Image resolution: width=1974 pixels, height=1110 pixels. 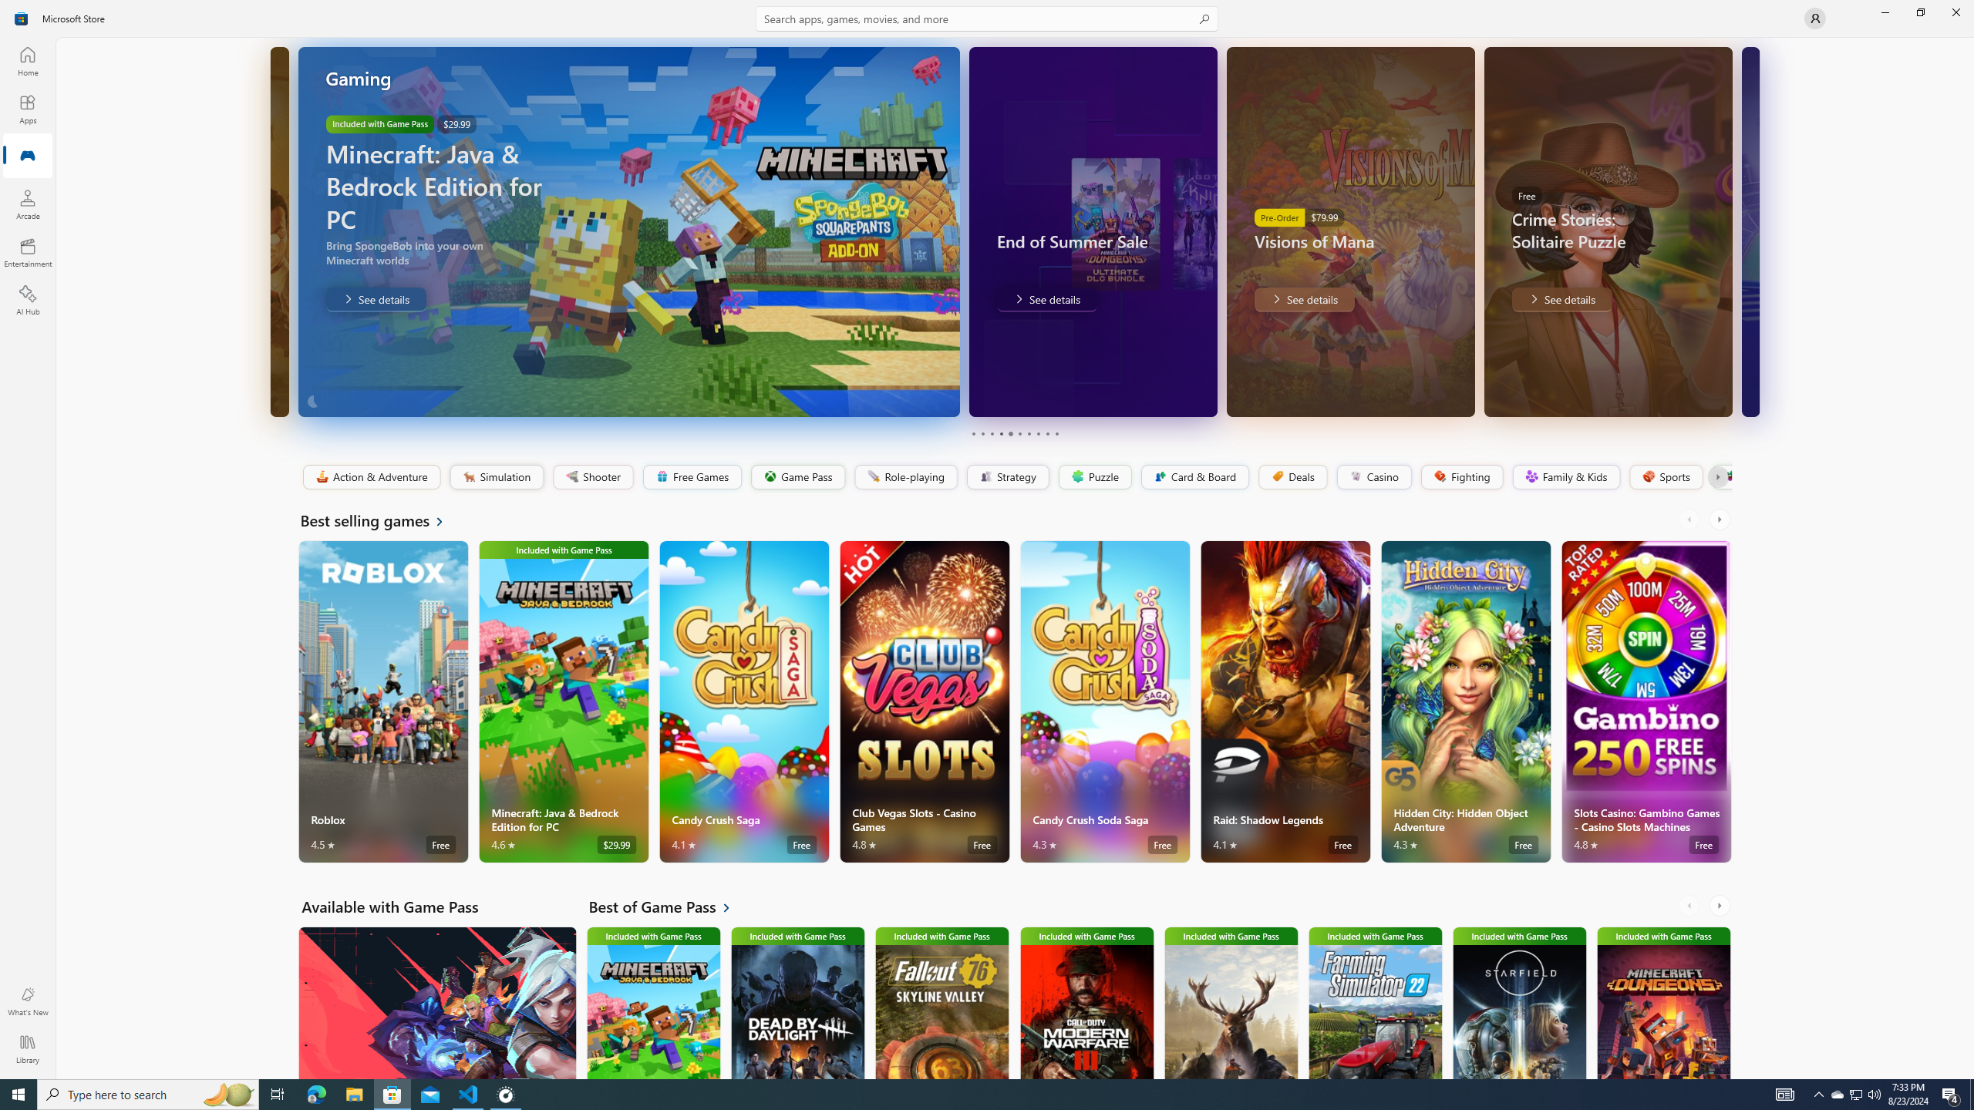 I want to click on 'User profile', so click(x=1814, y=17).